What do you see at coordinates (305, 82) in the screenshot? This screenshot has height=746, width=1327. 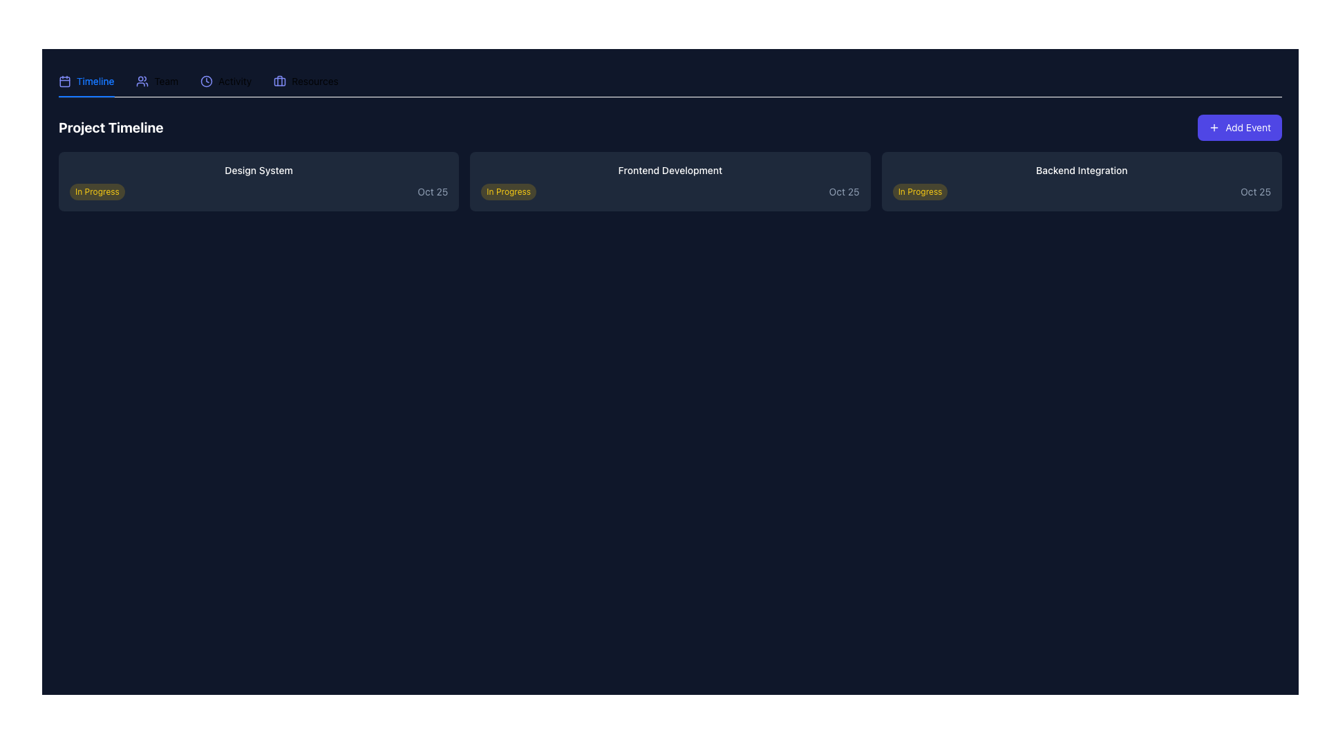 I see `the 'Resources' navigation tab, which is the fourth tab in the horizontal navigation bar` at bounding box center [305, 82].